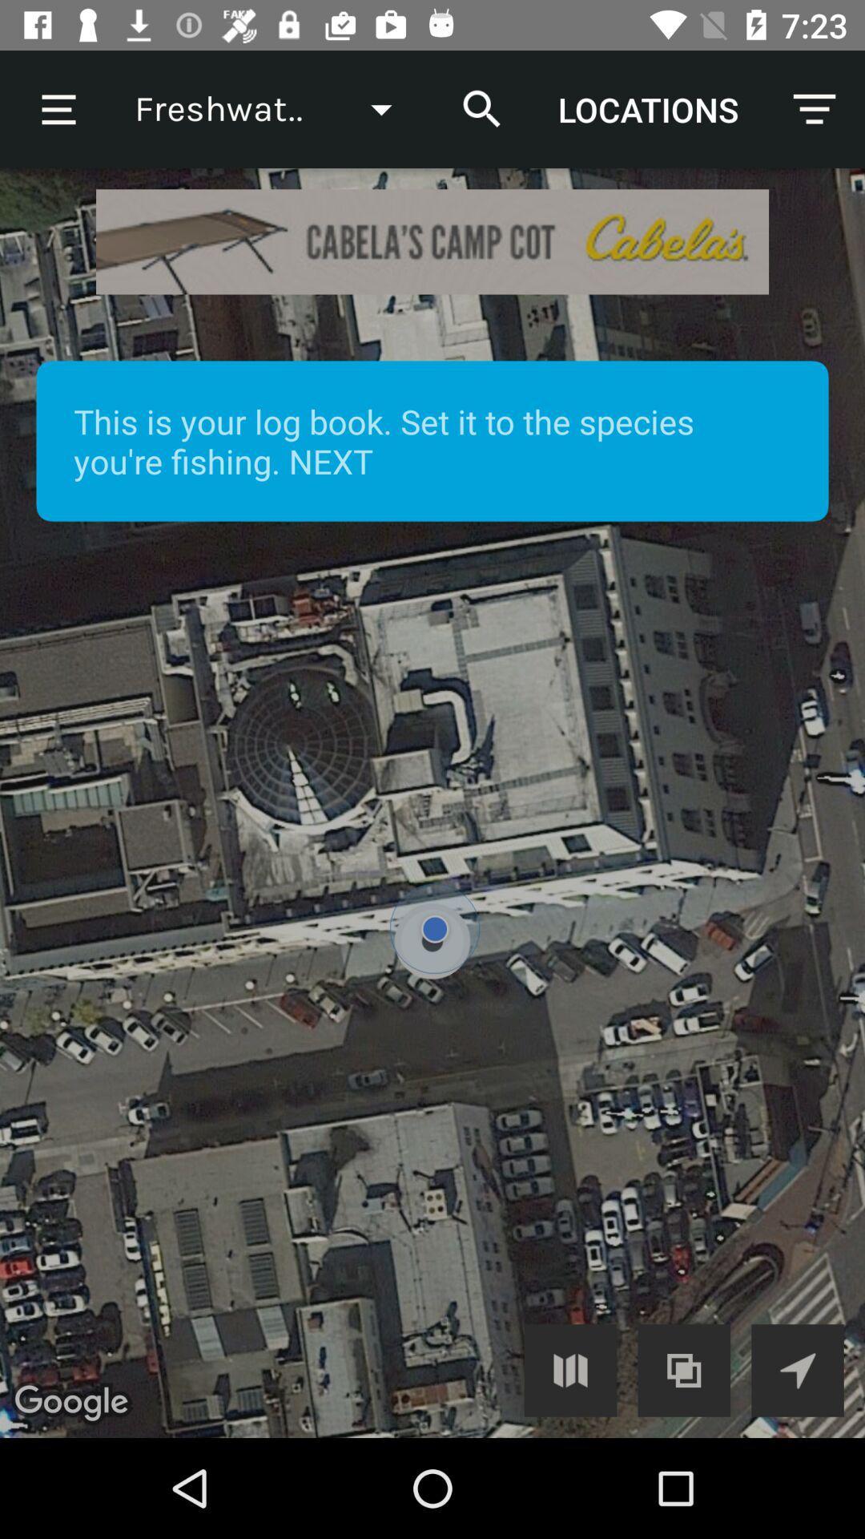  Describe the element at coordinates (684, 1369) in the screenshot. I see `topographic map` at that location.